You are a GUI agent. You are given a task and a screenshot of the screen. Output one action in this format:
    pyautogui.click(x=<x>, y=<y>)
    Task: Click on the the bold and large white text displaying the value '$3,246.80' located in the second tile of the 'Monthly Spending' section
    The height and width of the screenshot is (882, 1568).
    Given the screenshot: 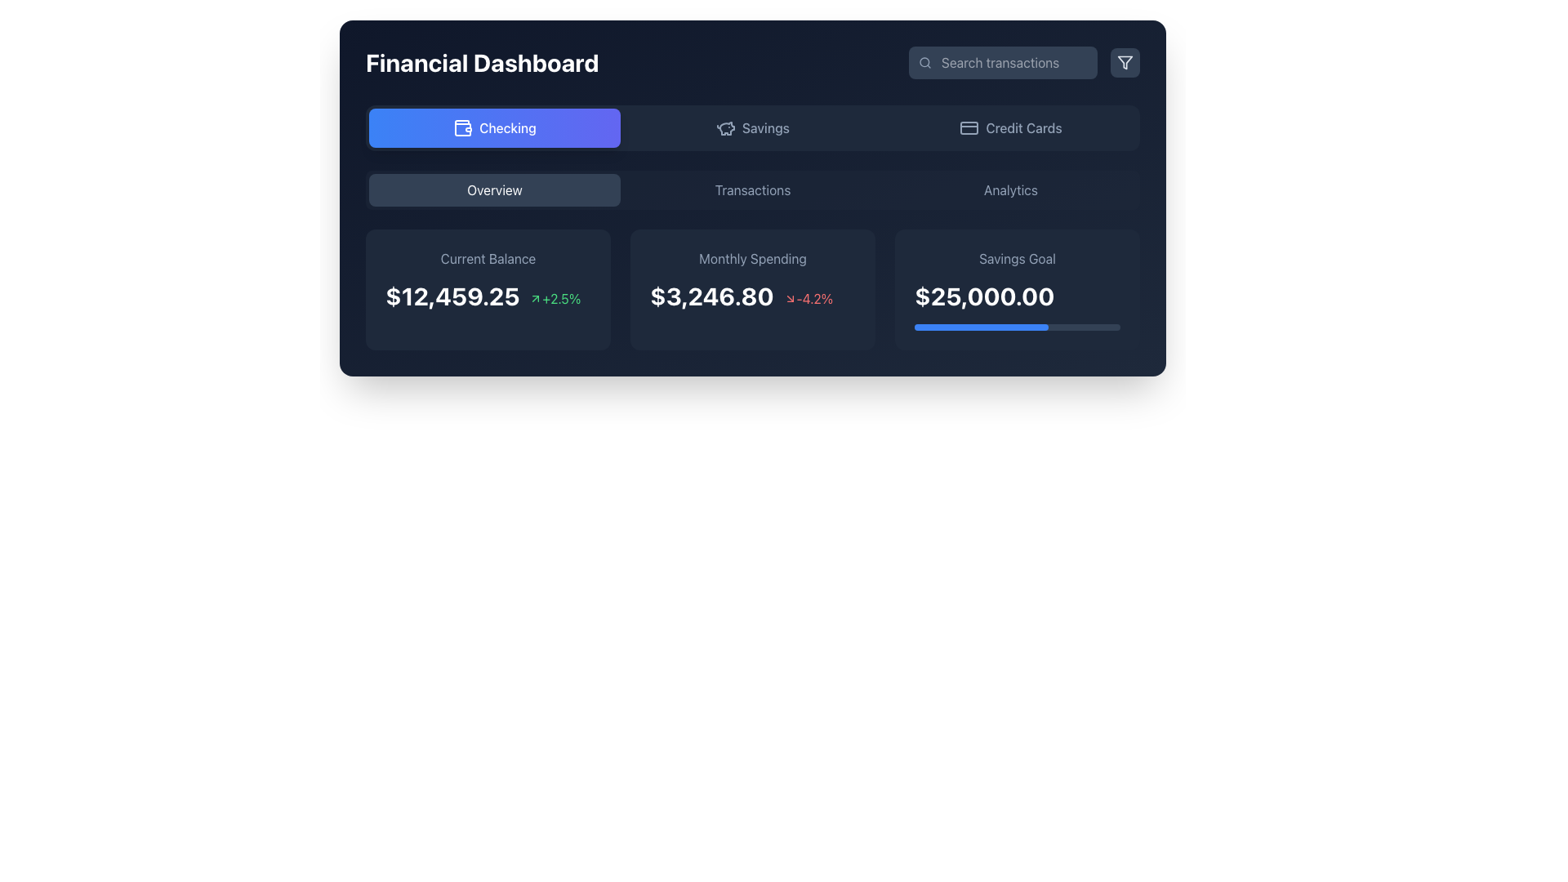 What is the action you would take?
    pyautogui.click(x=711, y=296)
    